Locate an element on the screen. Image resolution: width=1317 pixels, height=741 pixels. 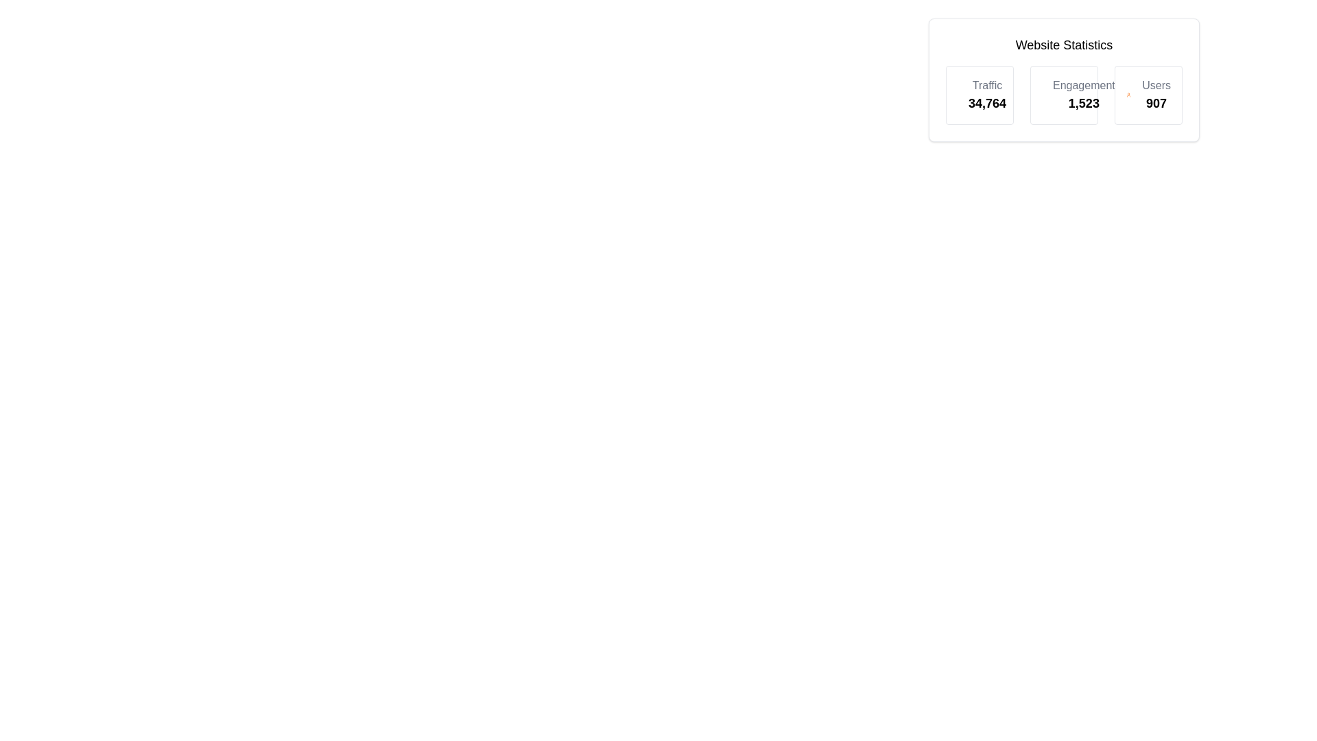
the Circle element within the SVG graphic that enhances the 'Engagement' statistic in the 'Website Statistics' section is located at coordinates (1049, 93).